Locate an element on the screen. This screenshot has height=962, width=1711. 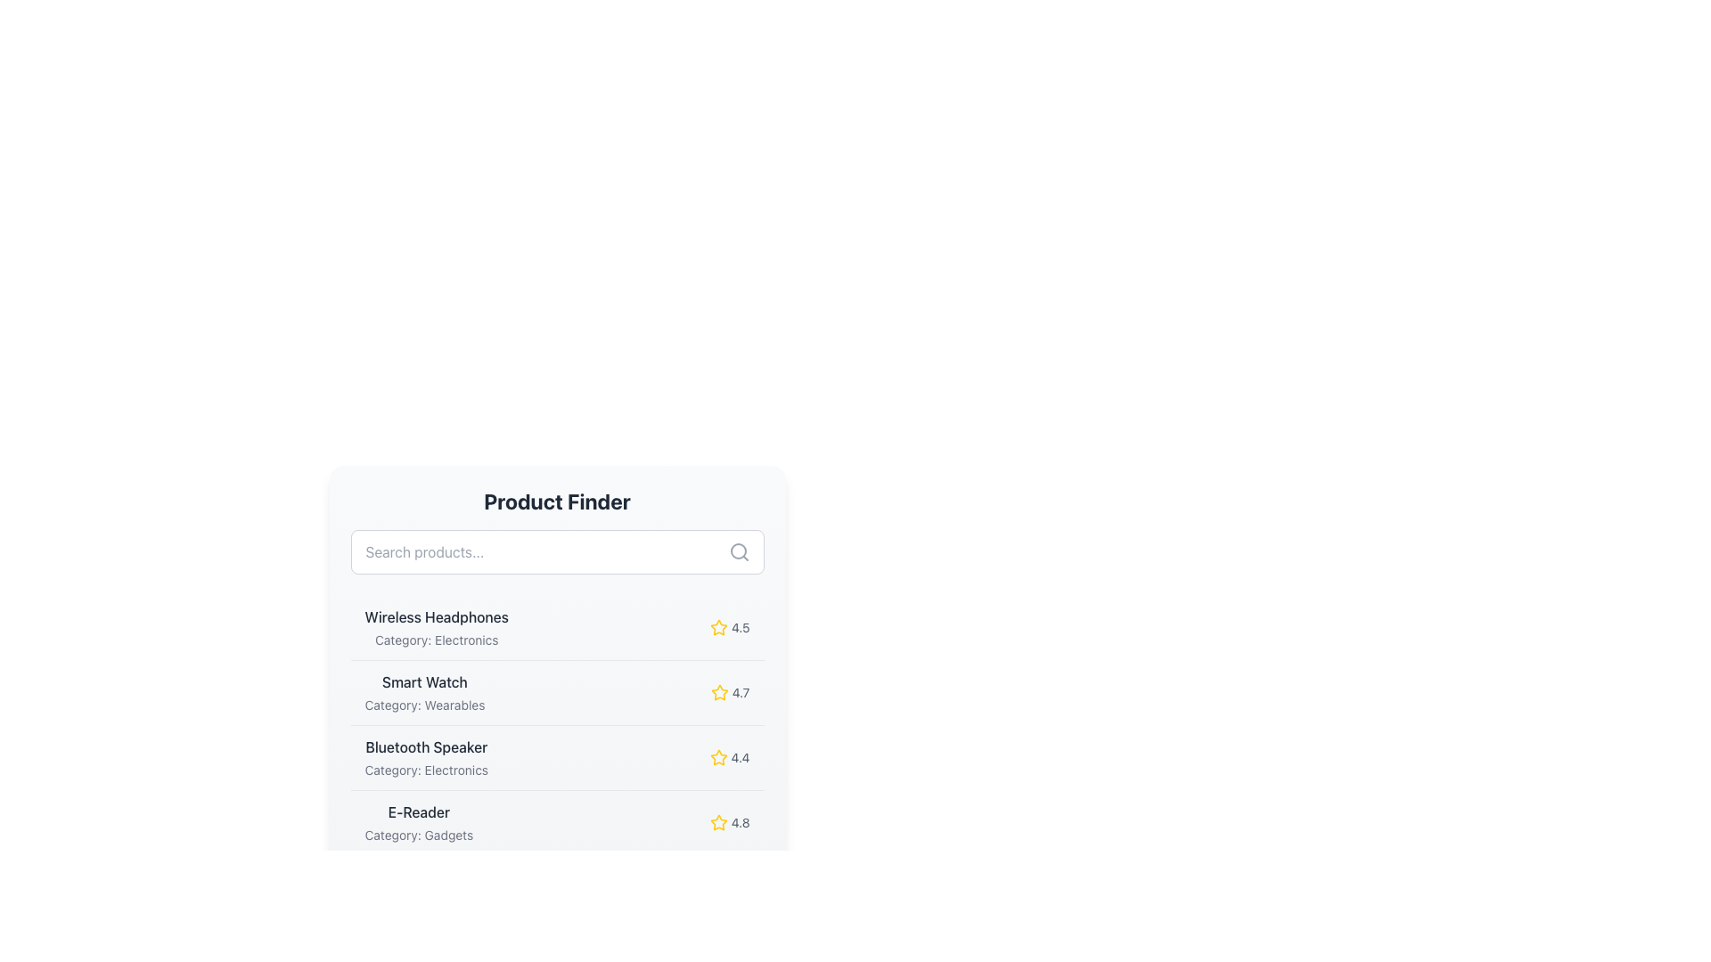
the text label displaying the rating score, which is located to the right of the star icon in the first list item under 'Wireless Headphones' in the 'Electronics' category is located at coordinates (741, 627).